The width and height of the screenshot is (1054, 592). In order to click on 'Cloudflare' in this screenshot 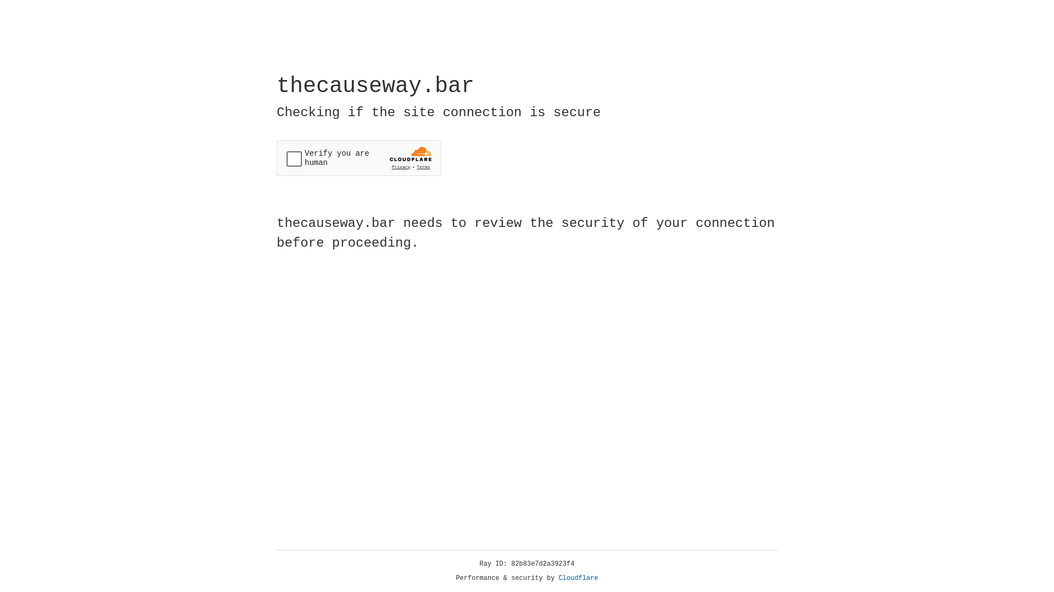, I will do `click(578, 578)`.